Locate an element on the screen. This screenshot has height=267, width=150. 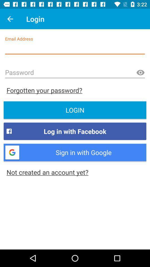
email address is located at coordinates (75, 48).